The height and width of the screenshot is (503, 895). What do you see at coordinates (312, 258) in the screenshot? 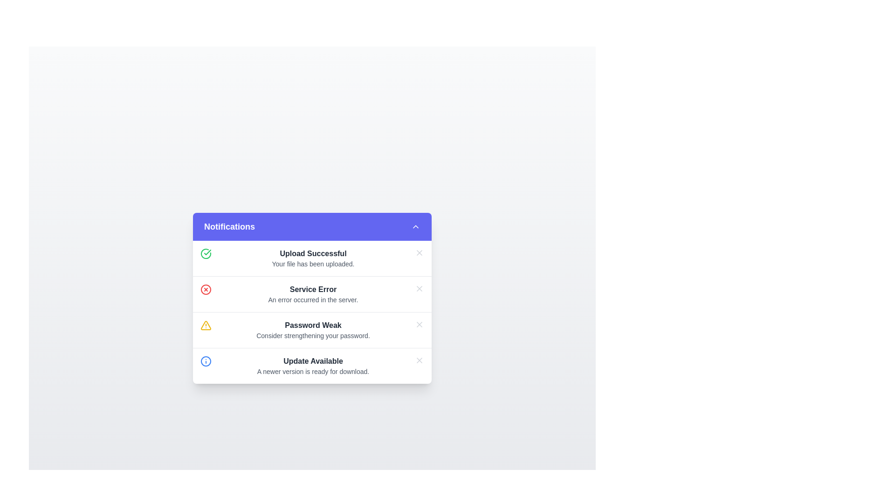
I see `the first notification in the list, which has a white background, a green checkmark icon on the left, and bold text reading 'Upload Successful'` at bounding box center [312, 258].